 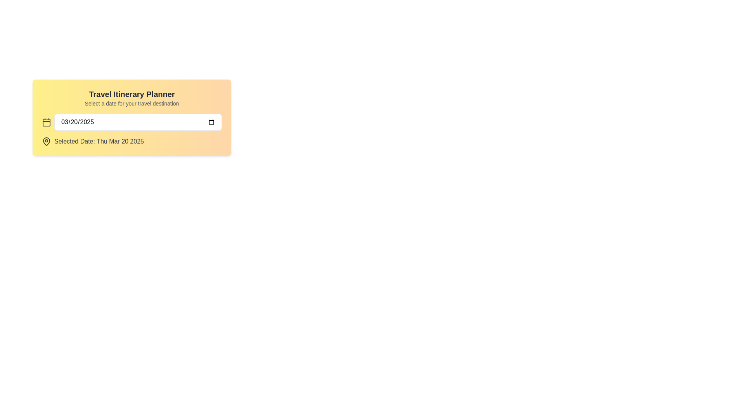 I want to click on the calendar icon, which is a compact square-shaped icon with rounded corners, filled in a yellowish shade, located to the left of the date input field, so click(x=46, y=122).